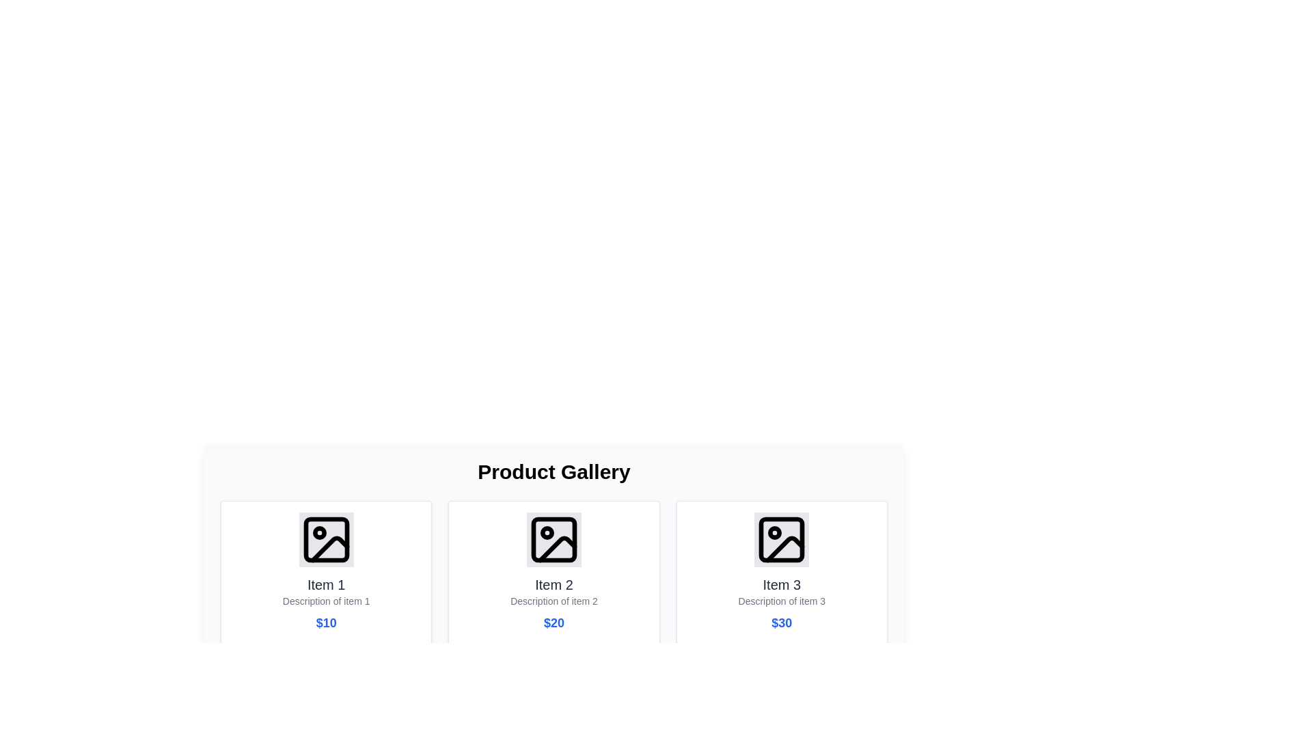 This screenshot has width=1312, height=738. I want to click on the Card component featuring a white background, rounded border, and shadow effect that contains the title 'Item 3', description 'Description of item 3', and price '$30', located in the first row and third column of a 3x2 grid layout, so click(782, 572).